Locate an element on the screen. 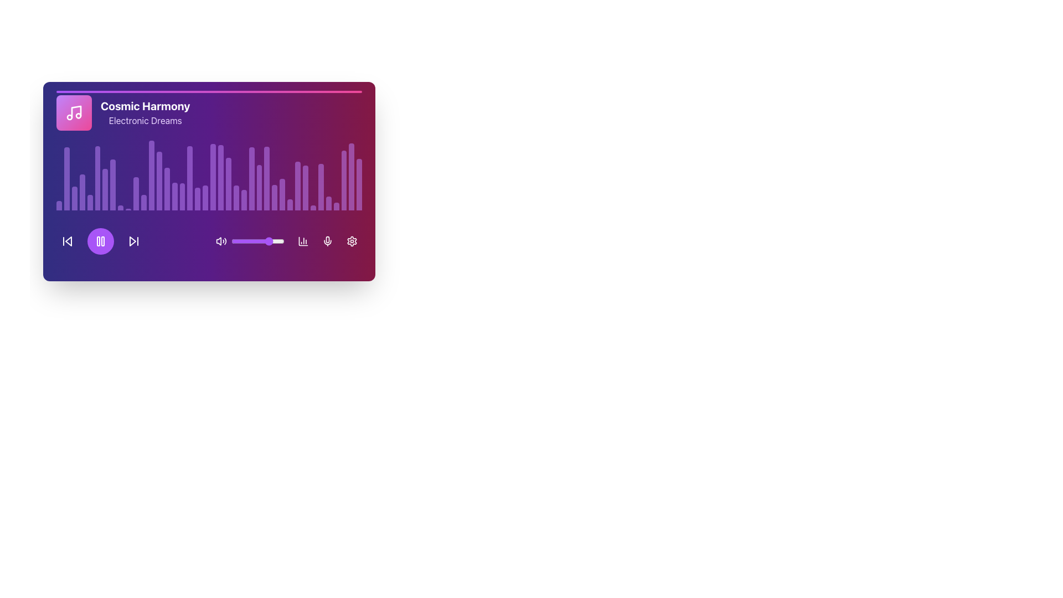 Image resolution: width=1063 pixels, height=598 pixels. the 20th vertical audio waveform indicator bar located just above the bottom controls of the music player interface is located at coordinates (205, 197).